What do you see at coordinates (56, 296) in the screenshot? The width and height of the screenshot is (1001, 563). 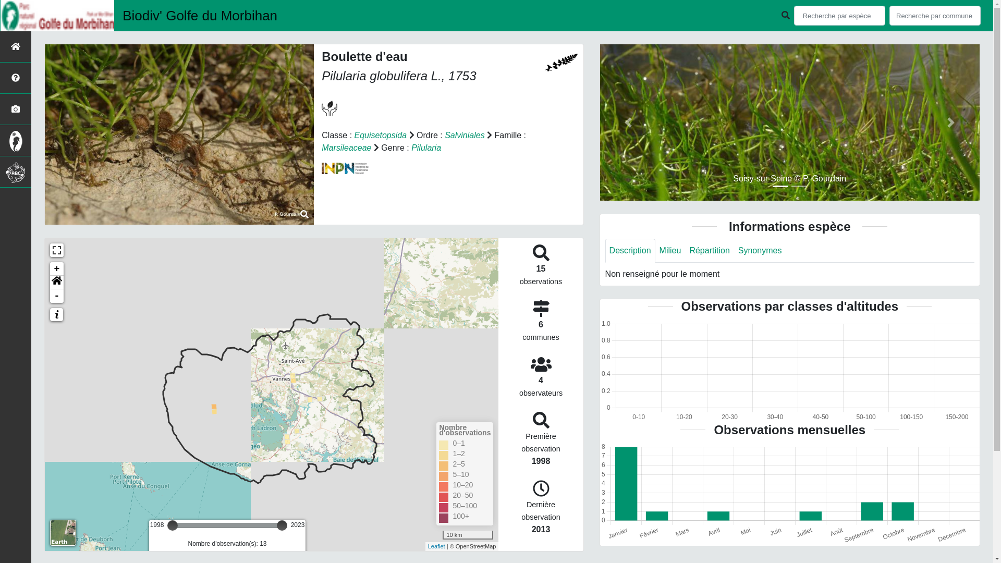 I see `'-'` at bounding box center [56, 296].